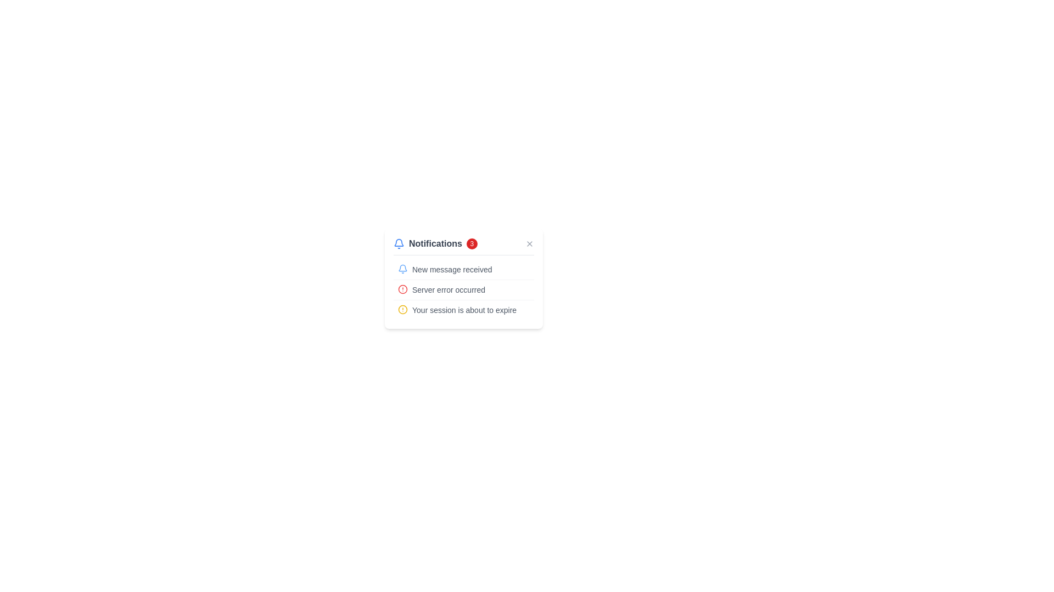 The image size is (1054, 592). What do you see at coordinates (529, 243) in the screenshot?
I see `the close button located at the top-right corner of the notification panel` at bounding box center [529, 243].